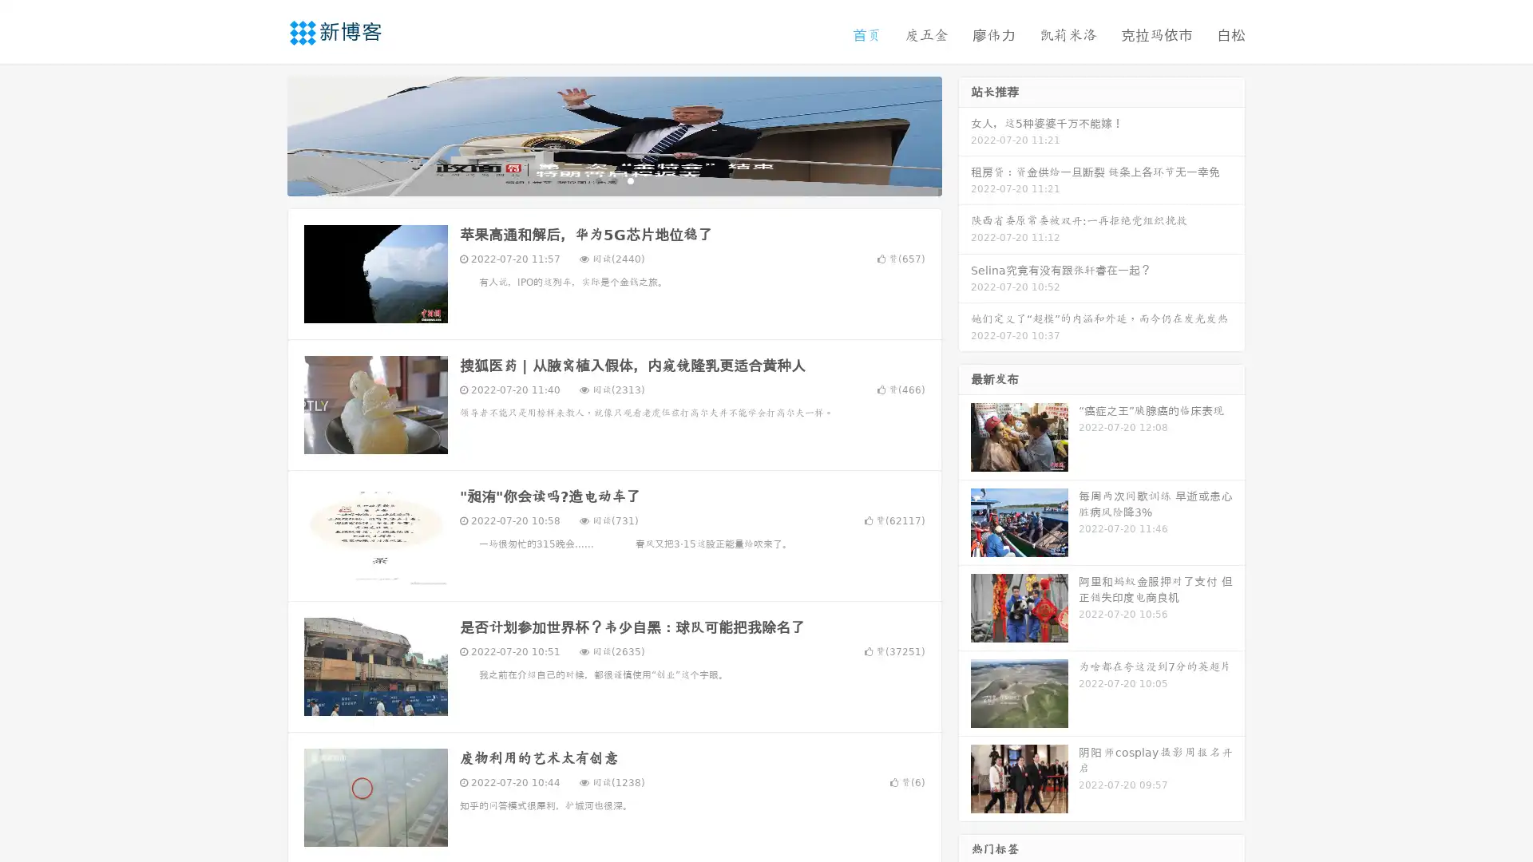 This screenshot has width=1533, height=862. What do you see at coordinates (263, 134) in the screenshot?
I see `Previous slide` at bounding box center [263, 134].